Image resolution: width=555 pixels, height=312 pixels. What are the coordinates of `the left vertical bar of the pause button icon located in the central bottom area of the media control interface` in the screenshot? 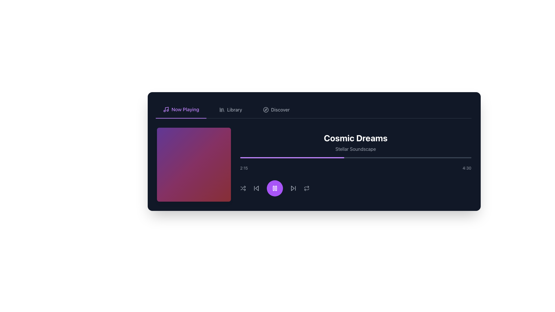 It's located at (273, 188).